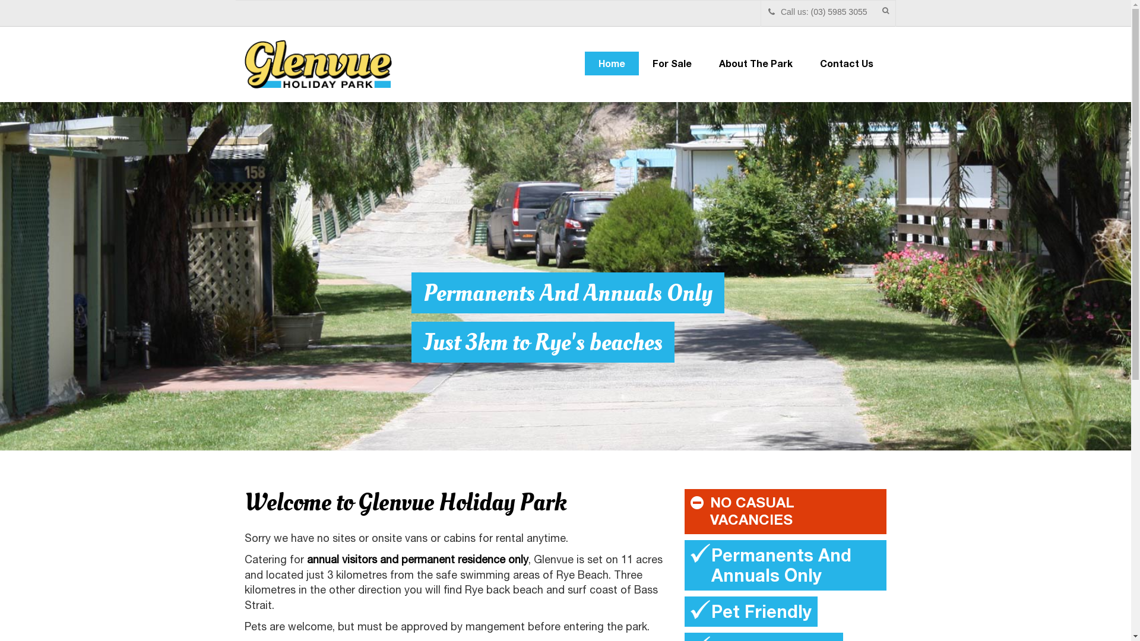 The width and height of the screenshot is (1140, 641). Describe the element at coordinates (638, 64) in the screenshot. I see `'For Sale'` at that location.